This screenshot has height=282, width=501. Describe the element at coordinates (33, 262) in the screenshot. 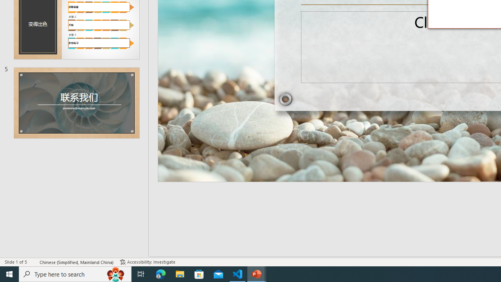

I see `'Spell Check '` at that location.